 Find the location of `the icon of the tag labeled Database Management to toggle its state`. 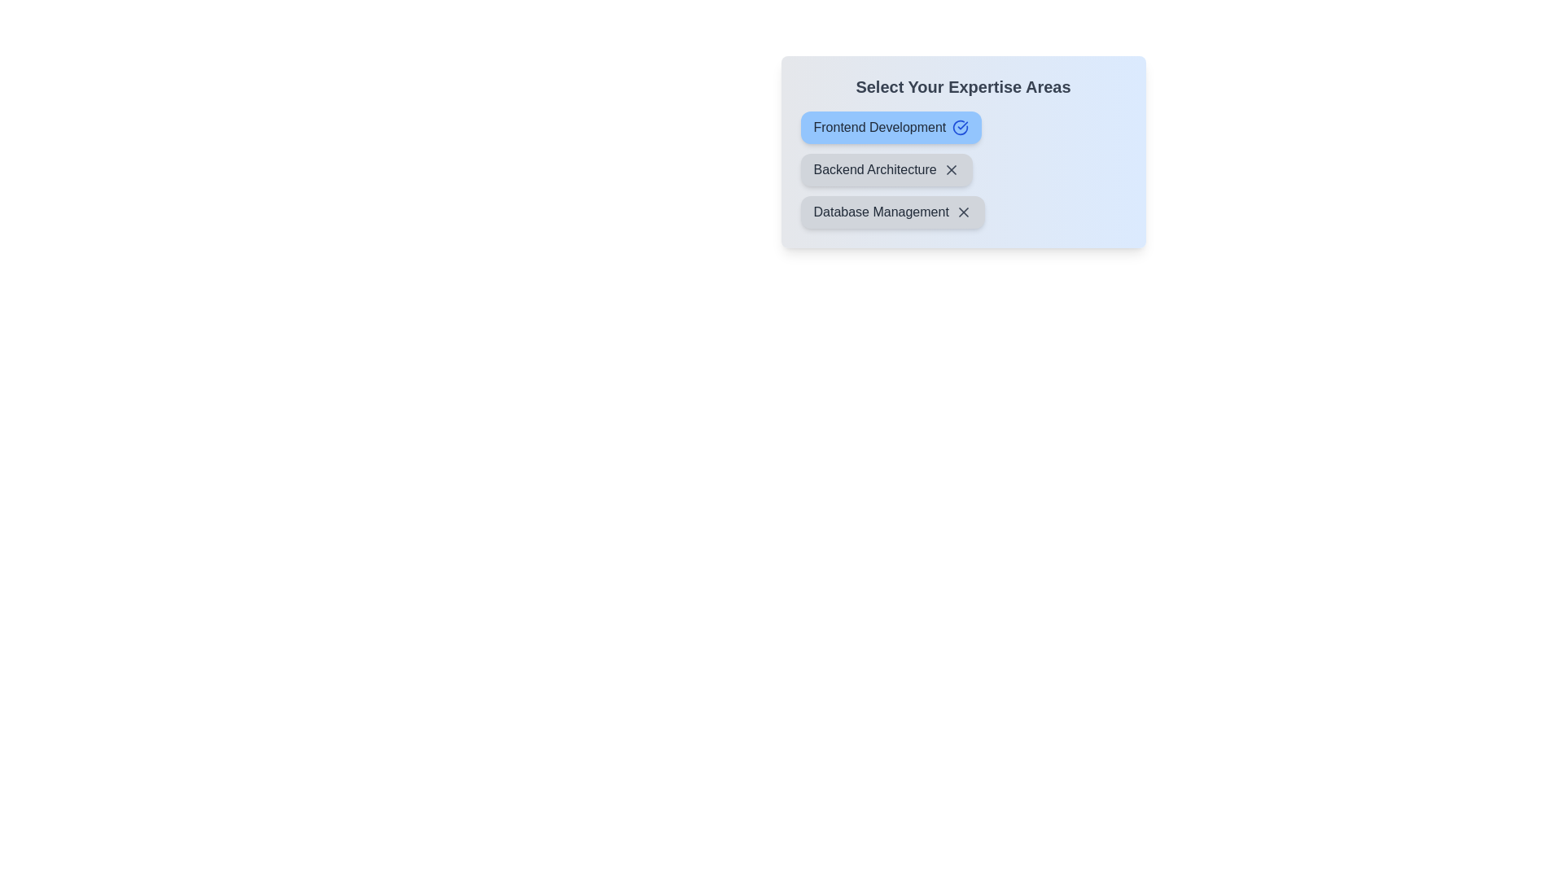

the icon of the tag labeled Database Management to toggle its state is located at coordinates (963, 212).